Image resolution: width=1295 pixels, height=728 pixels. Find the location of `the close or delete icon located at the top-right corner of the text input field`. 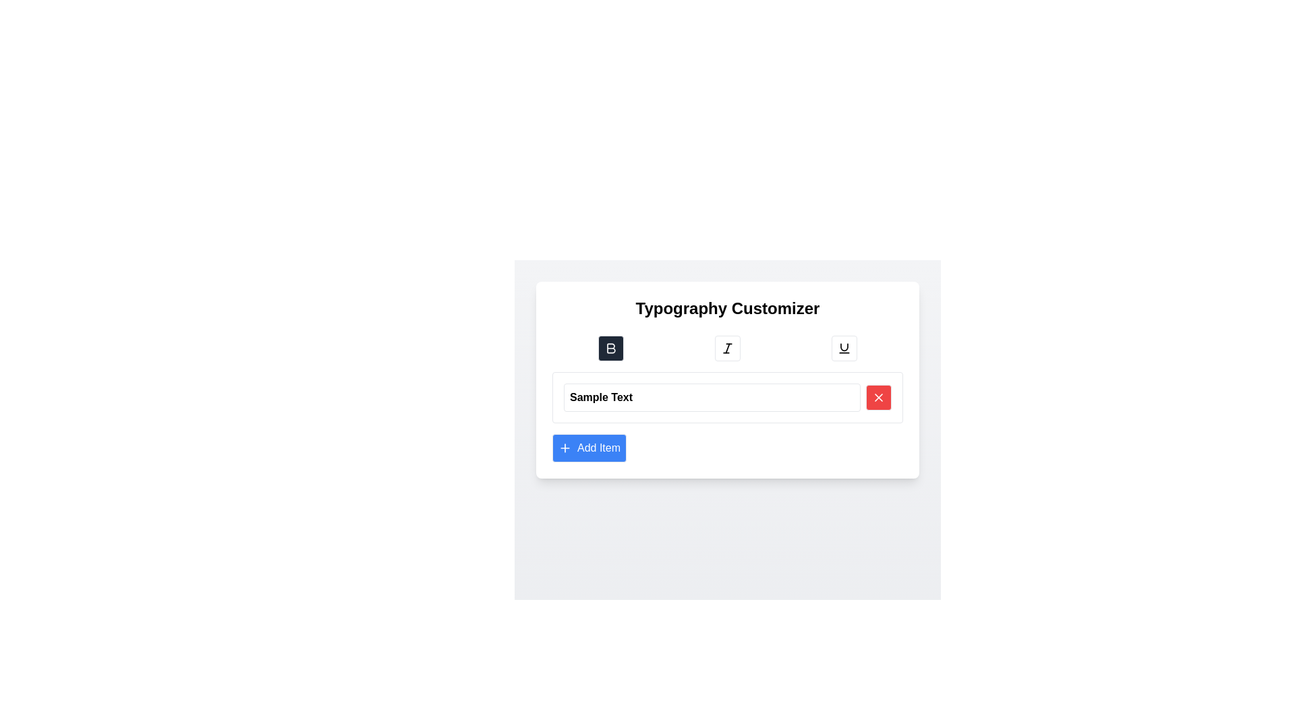

the close or delete icon located at the top-right corner of the text input field is located at coordinates (878, 397).